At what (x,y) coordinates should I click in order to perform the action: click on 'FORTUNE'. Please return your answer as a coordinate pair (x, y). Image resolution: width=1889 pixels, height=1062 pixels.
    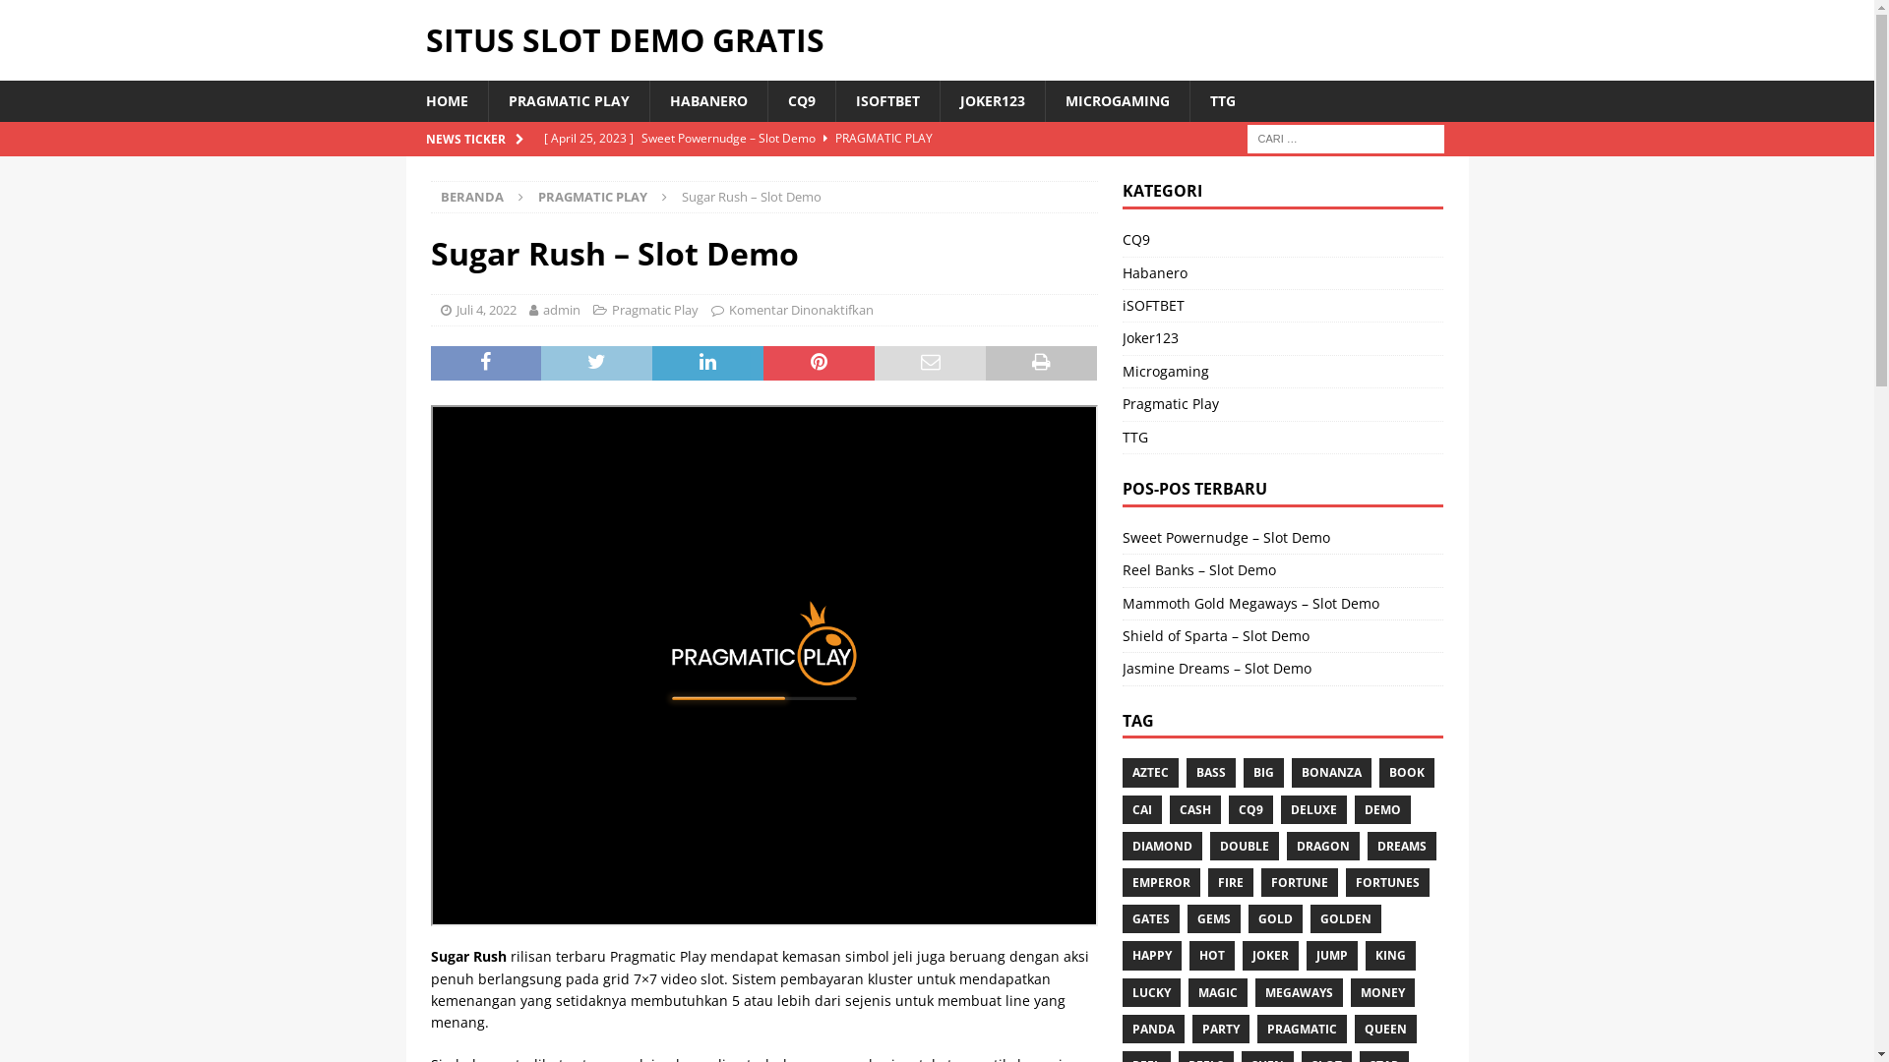
    Looking at the image, I should click on (1299, 881).